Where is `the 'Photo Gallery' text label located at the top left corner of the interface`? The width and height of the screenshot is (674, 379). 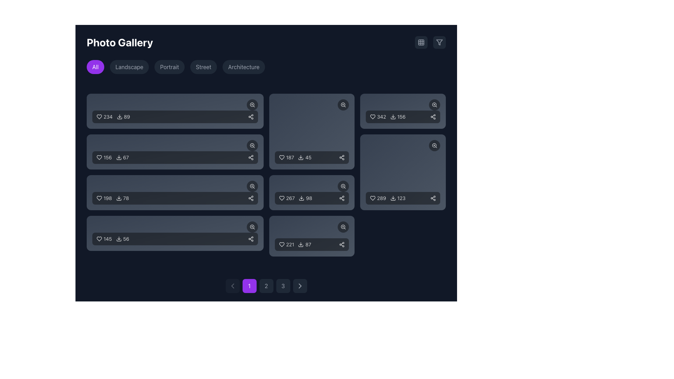 the 'Photo Gallery' text label located at the top left corner of the interface is located at coordinates (119, 42).